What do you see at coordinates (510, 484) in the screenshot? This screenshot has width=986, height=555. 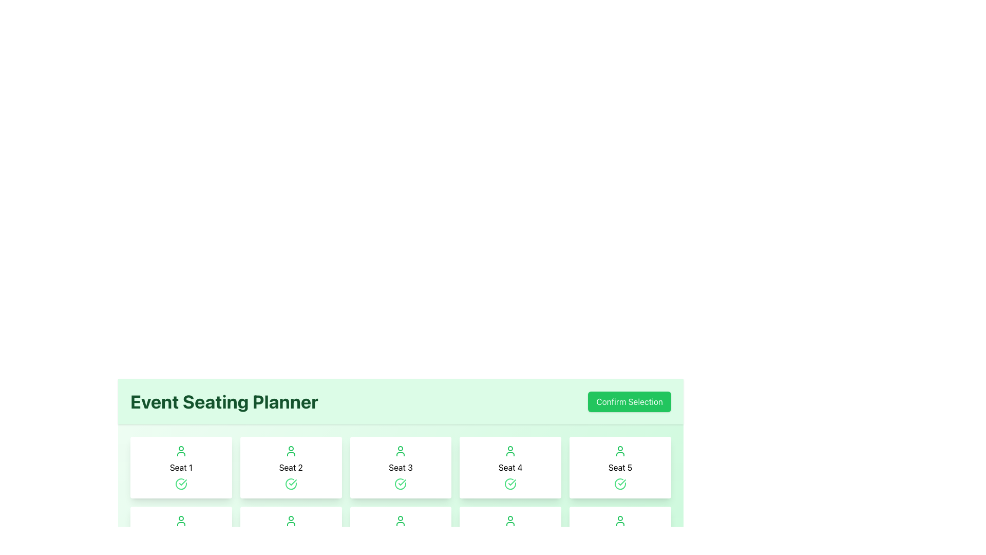 I see `the circular icon with a checkmark inside, which has a green border and is located in the fourth column of the seating grid, directly below the 'Seat 4' label` at bounding box center [510, 484].